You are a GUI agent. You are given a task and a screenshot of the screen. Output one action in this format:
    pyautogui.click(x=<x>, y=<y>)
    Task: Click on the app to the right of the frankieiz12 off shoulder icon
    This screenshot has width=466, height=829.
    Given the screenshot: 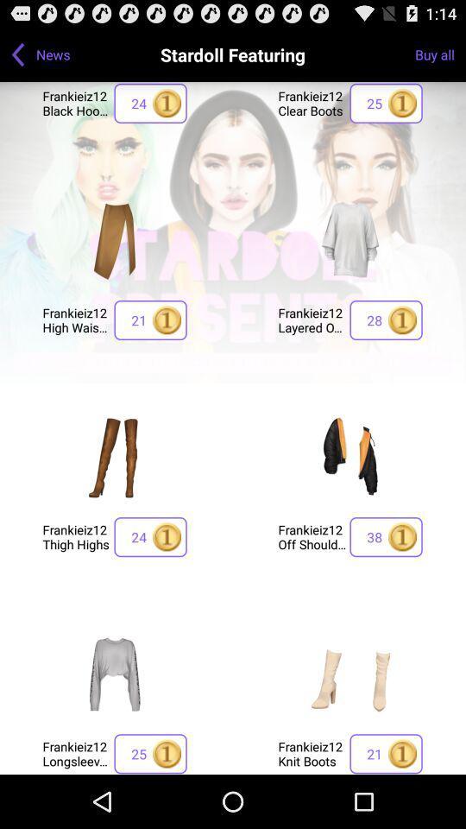 What is the action you would take?
    pyautogui.click(x=386, y=535)
    